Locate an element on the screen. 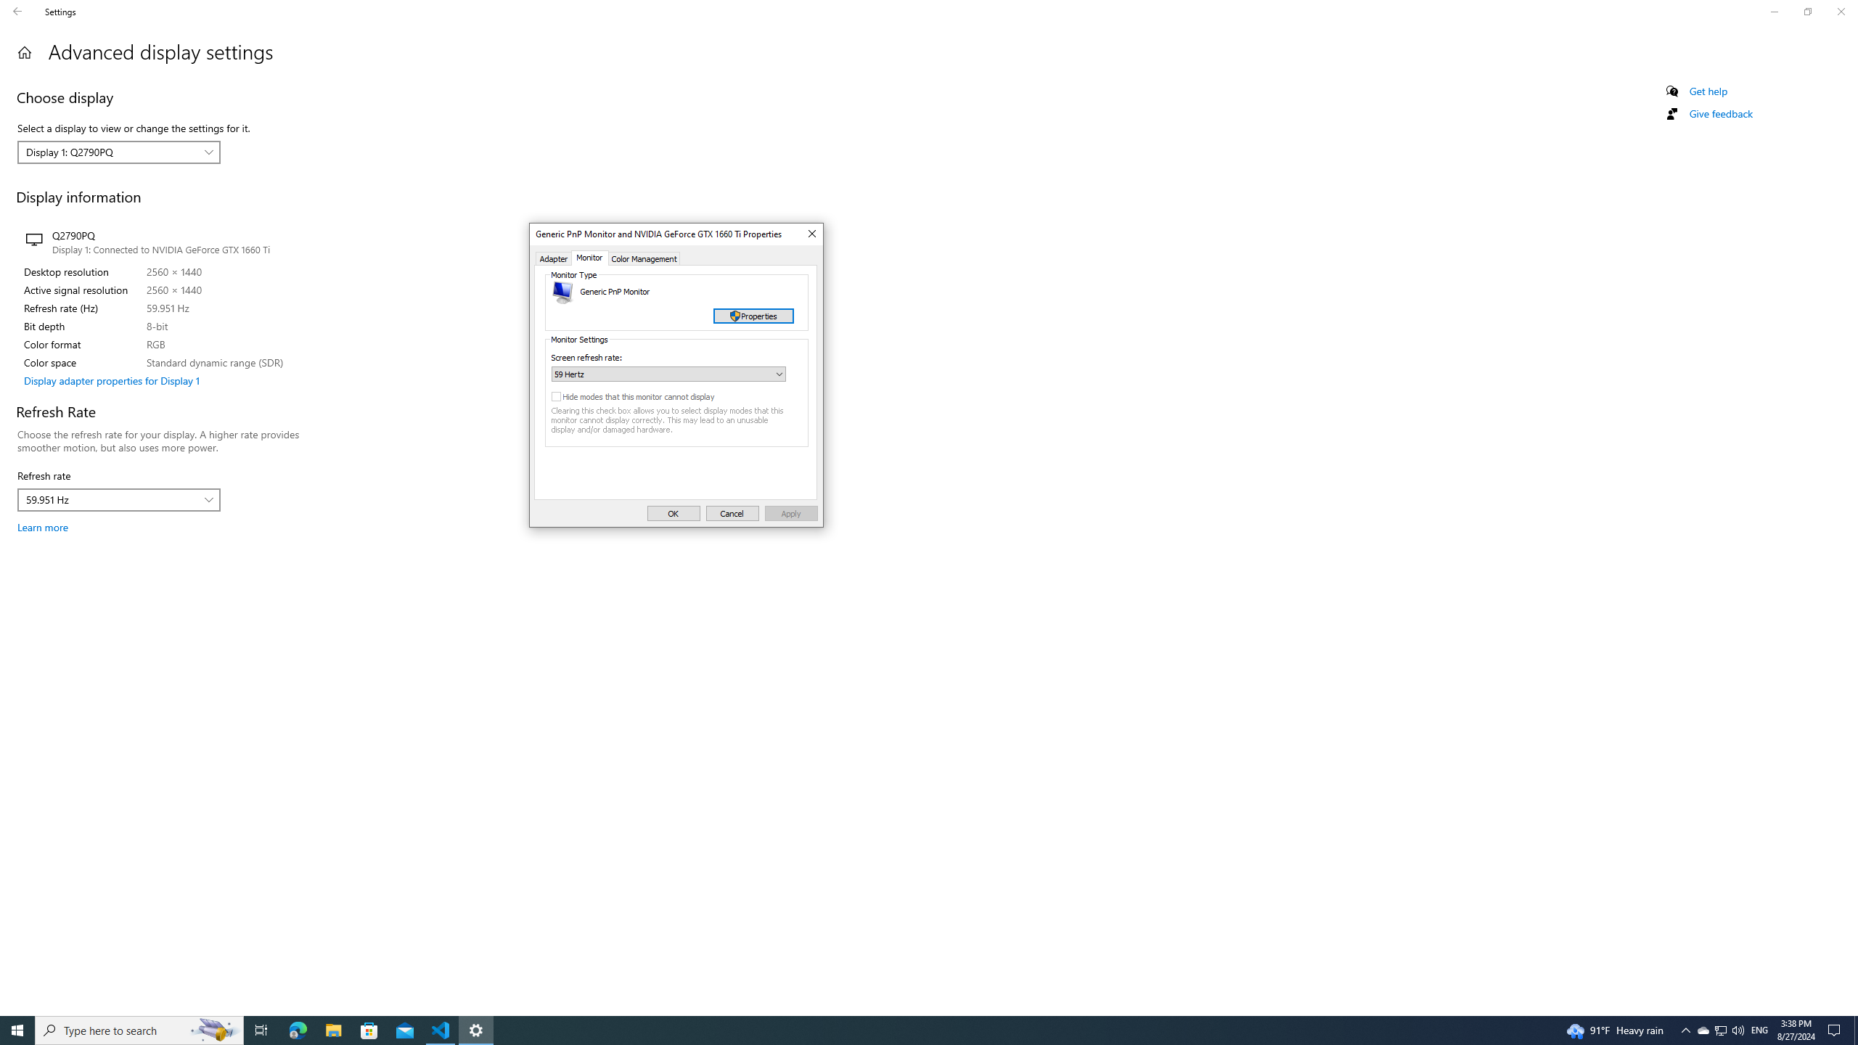 The width and height of the screenshot is (1858, 1045). 'OK' is located at coordinates (674, 512).